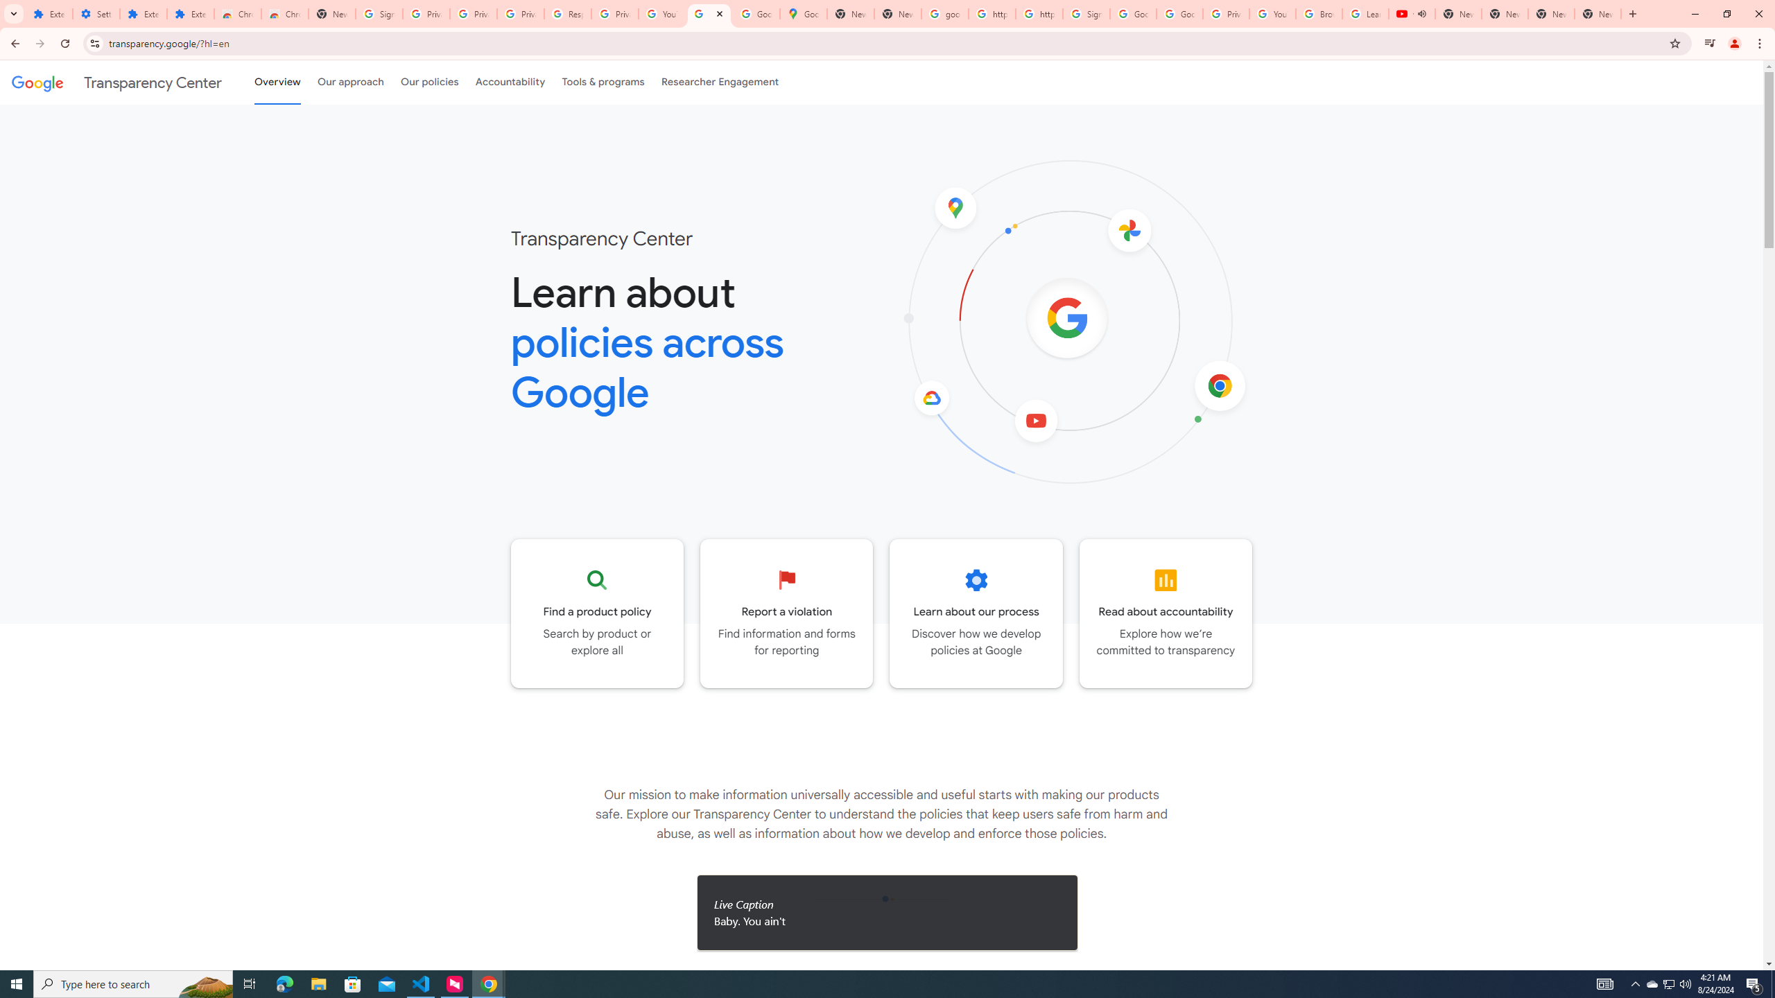 The height and width of the screenshot is (998, 1775). Describe the element at coordinates (720, 82) in the screenshot. I see `'Researcher Engagement'` at that location.